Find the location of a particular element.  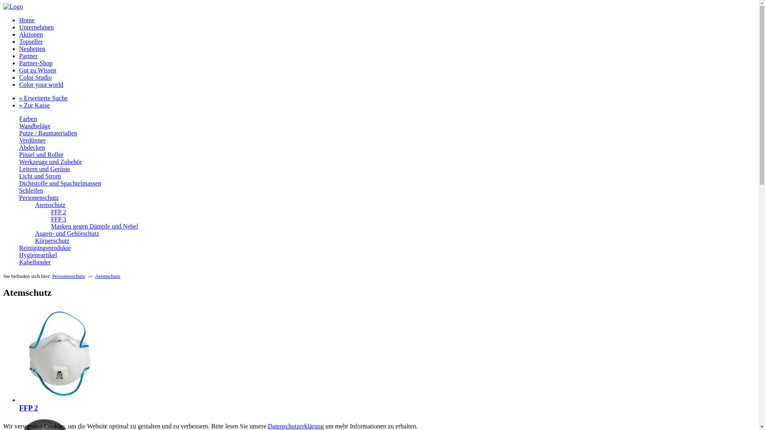

'Schleifen' is located at coordinates (31, 190).